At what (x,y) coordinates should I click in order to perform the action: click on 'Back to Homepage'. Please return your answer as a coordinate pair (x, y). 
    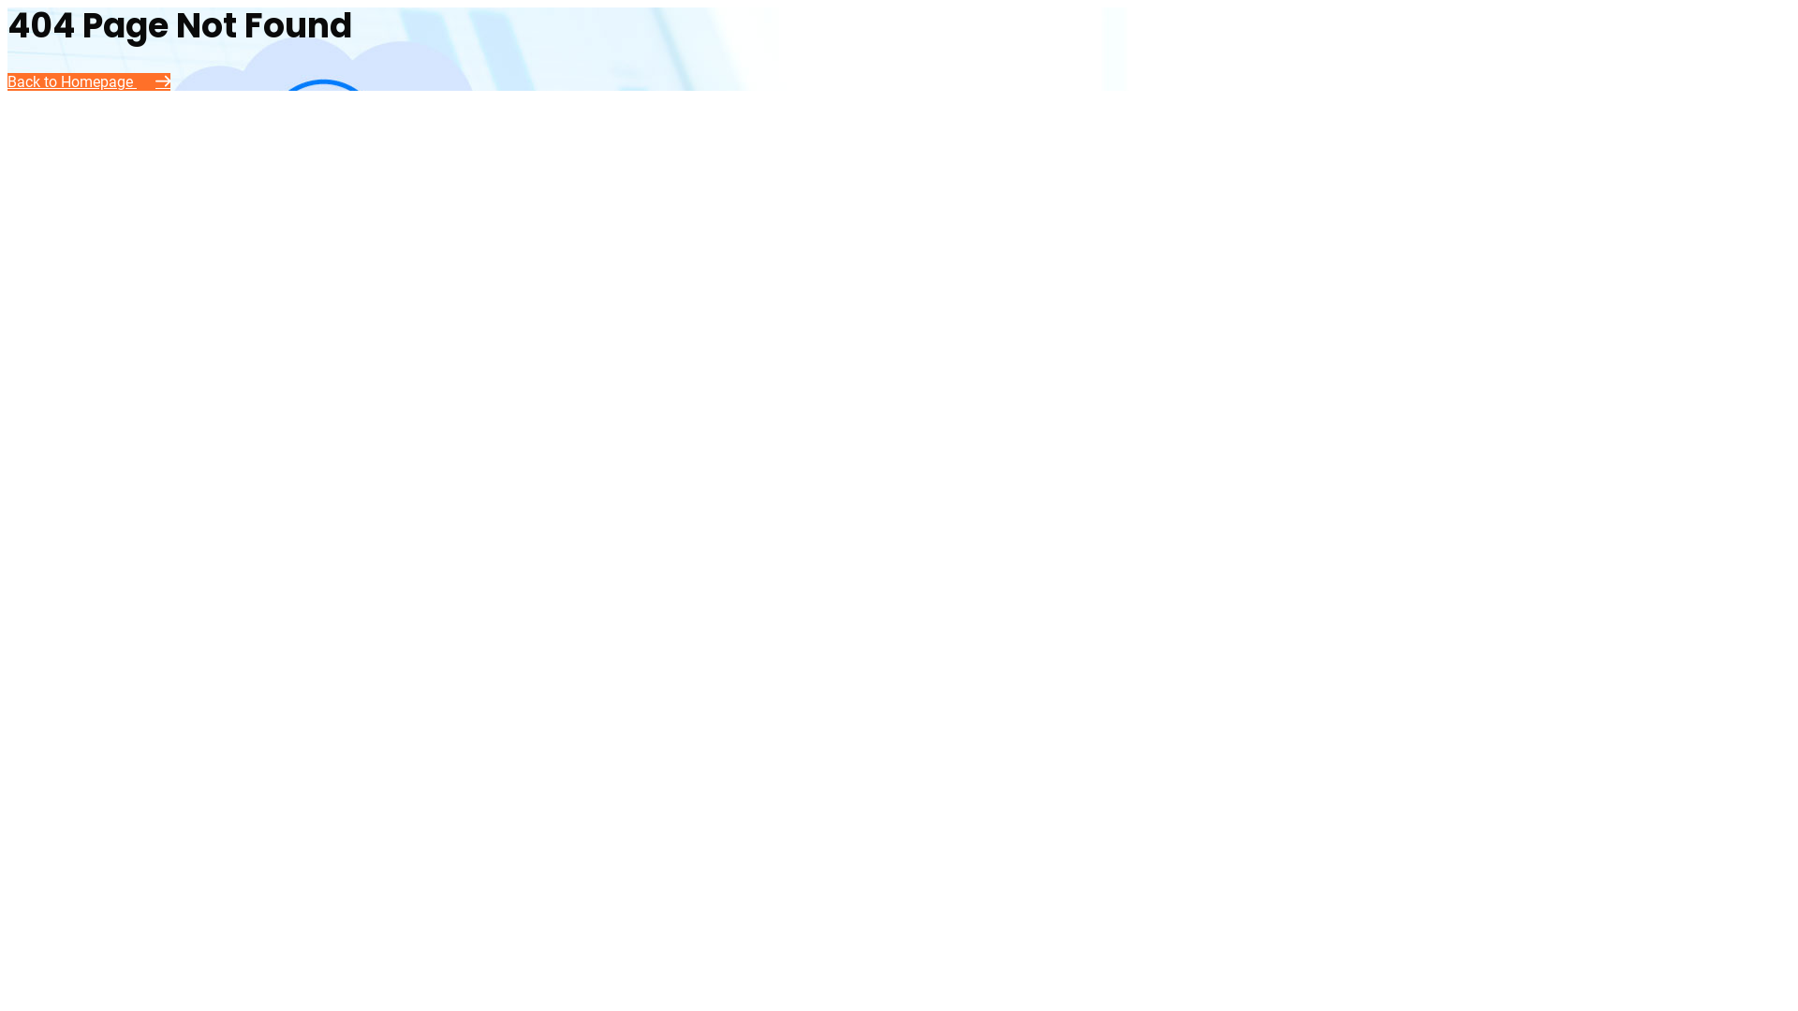
    Looking at the image, I should click on (88, 81).